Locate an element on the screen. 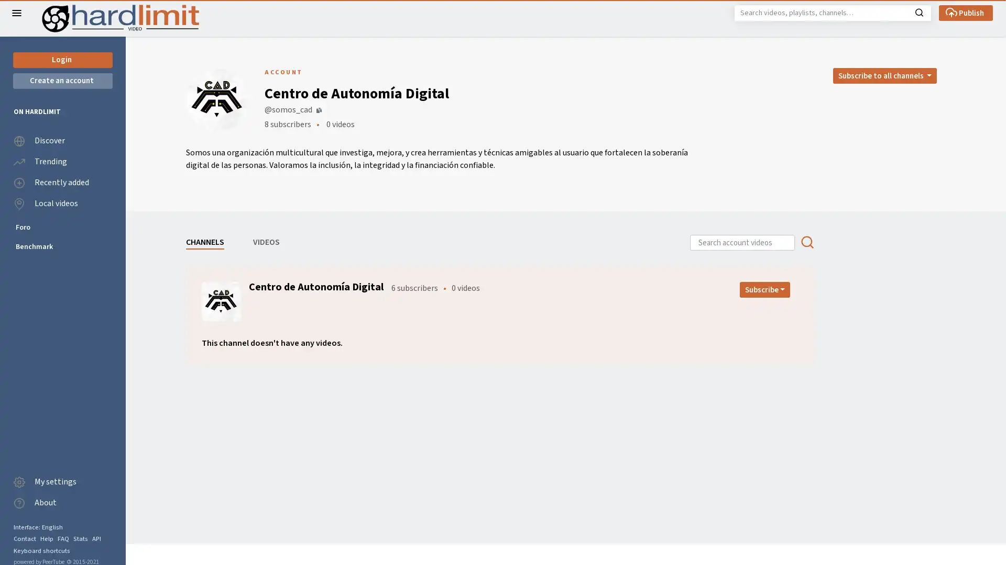  Close the left menu is located at coordinates (17, 13).